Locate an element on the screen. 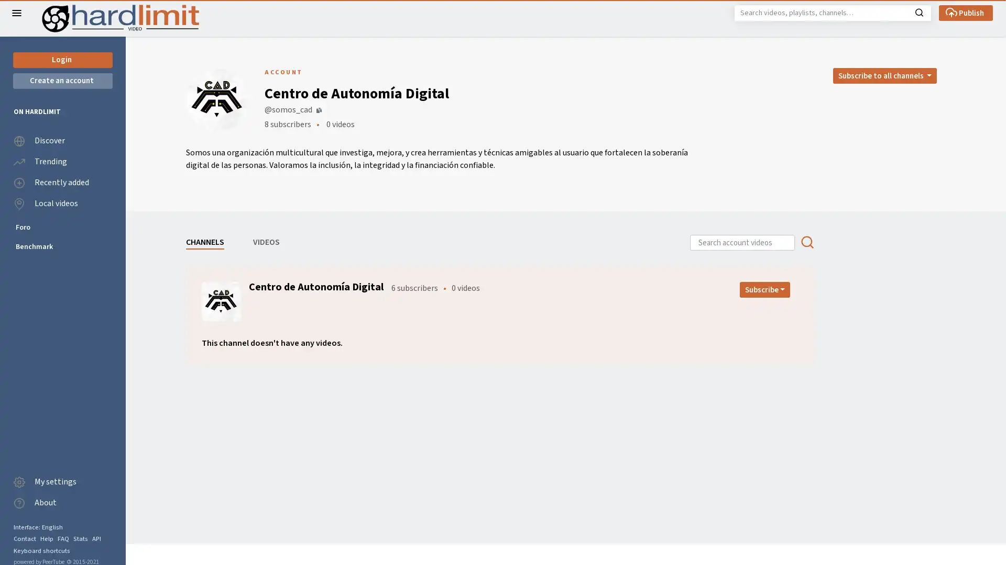  Close the left menu is located at coordinates (17, 13).